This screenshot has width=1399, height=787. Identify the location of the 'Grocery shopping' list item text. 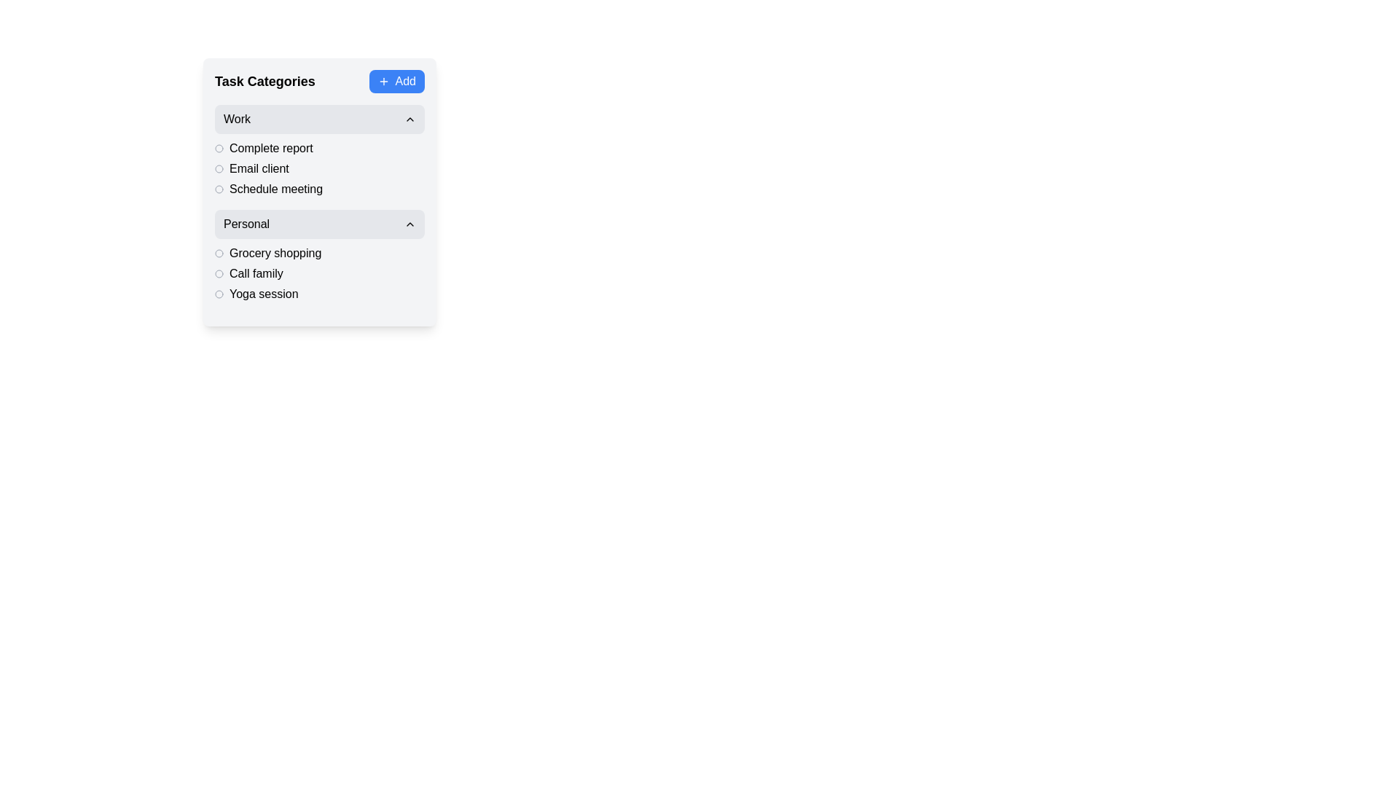
(318, 252).